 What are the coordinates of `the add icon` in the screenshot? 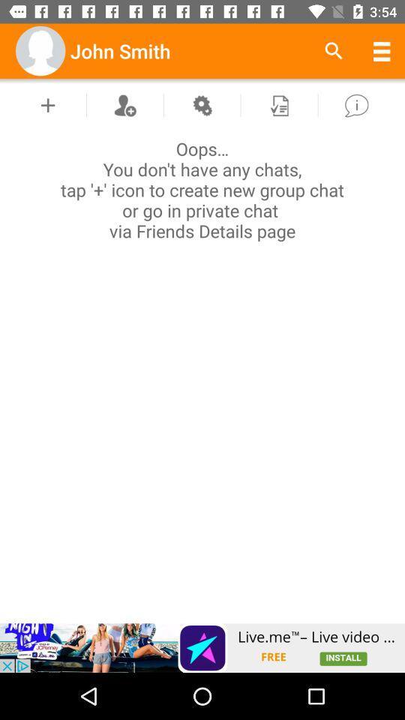 It's located at (48, 104).